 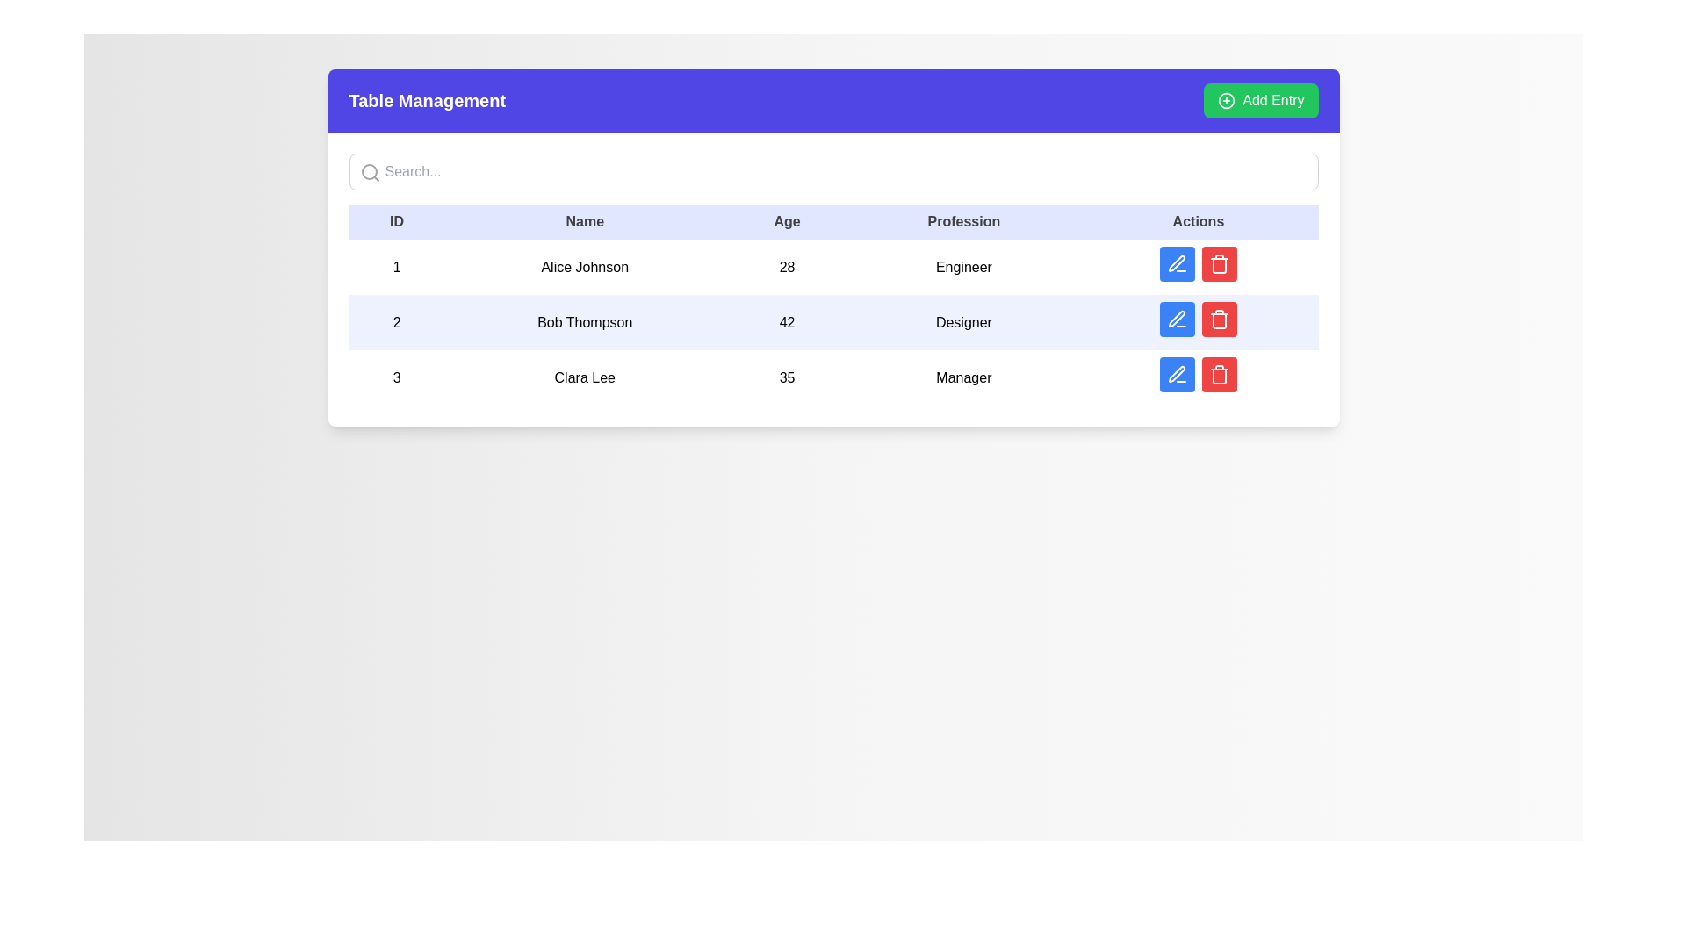 I want to click on the circular green plus icon located to the left of the 'Add Entry' text in the green button at the top right corner of the interface, so click(x=1226, y=101).